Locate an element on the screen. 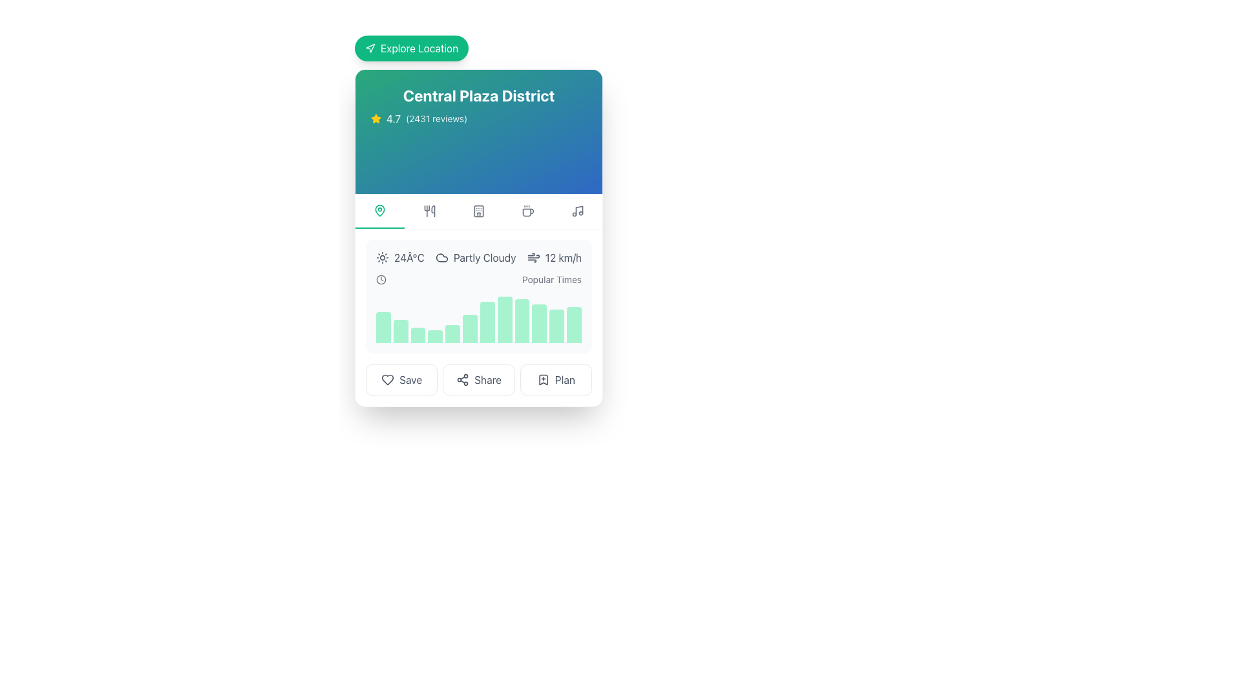  the hotel information icon located in the third position from the left in the navigation row is located at coordinates (478, 211).